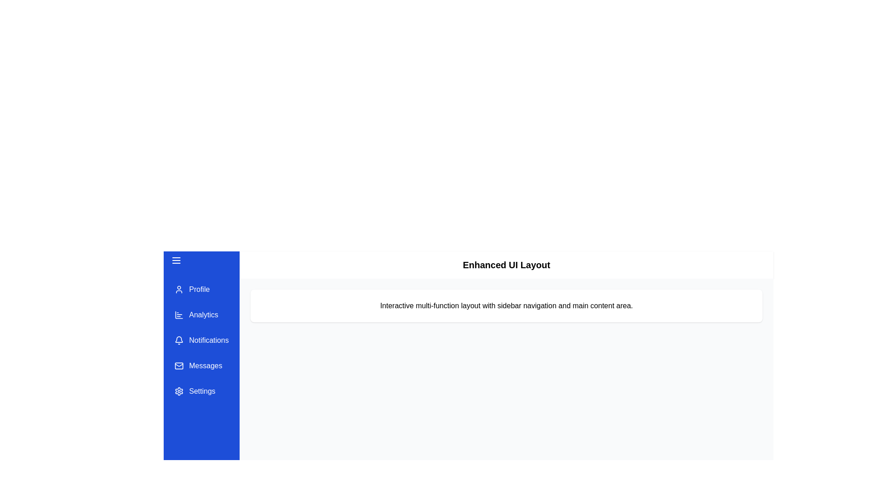  I want to click on the notification icon located in the sidebar menu, positioned between 'Analytics' and 'Messages', so click(179, 339).